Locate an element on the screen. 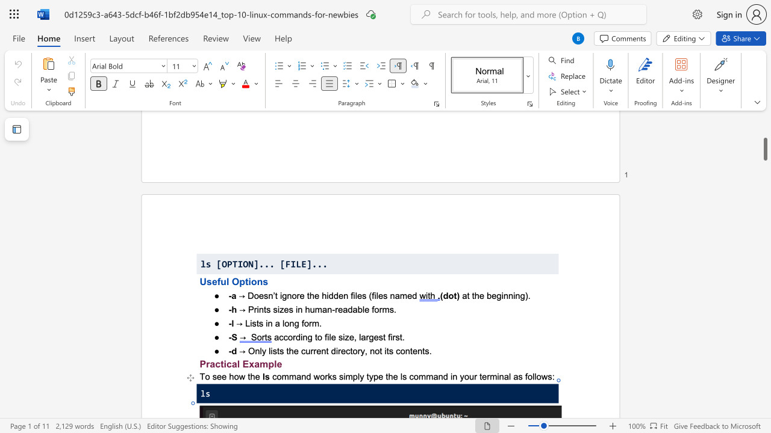 This screenshot has width=771, height=433. the space between the continuous character "O" and "P" in the text is located at coordinates (226, 263).